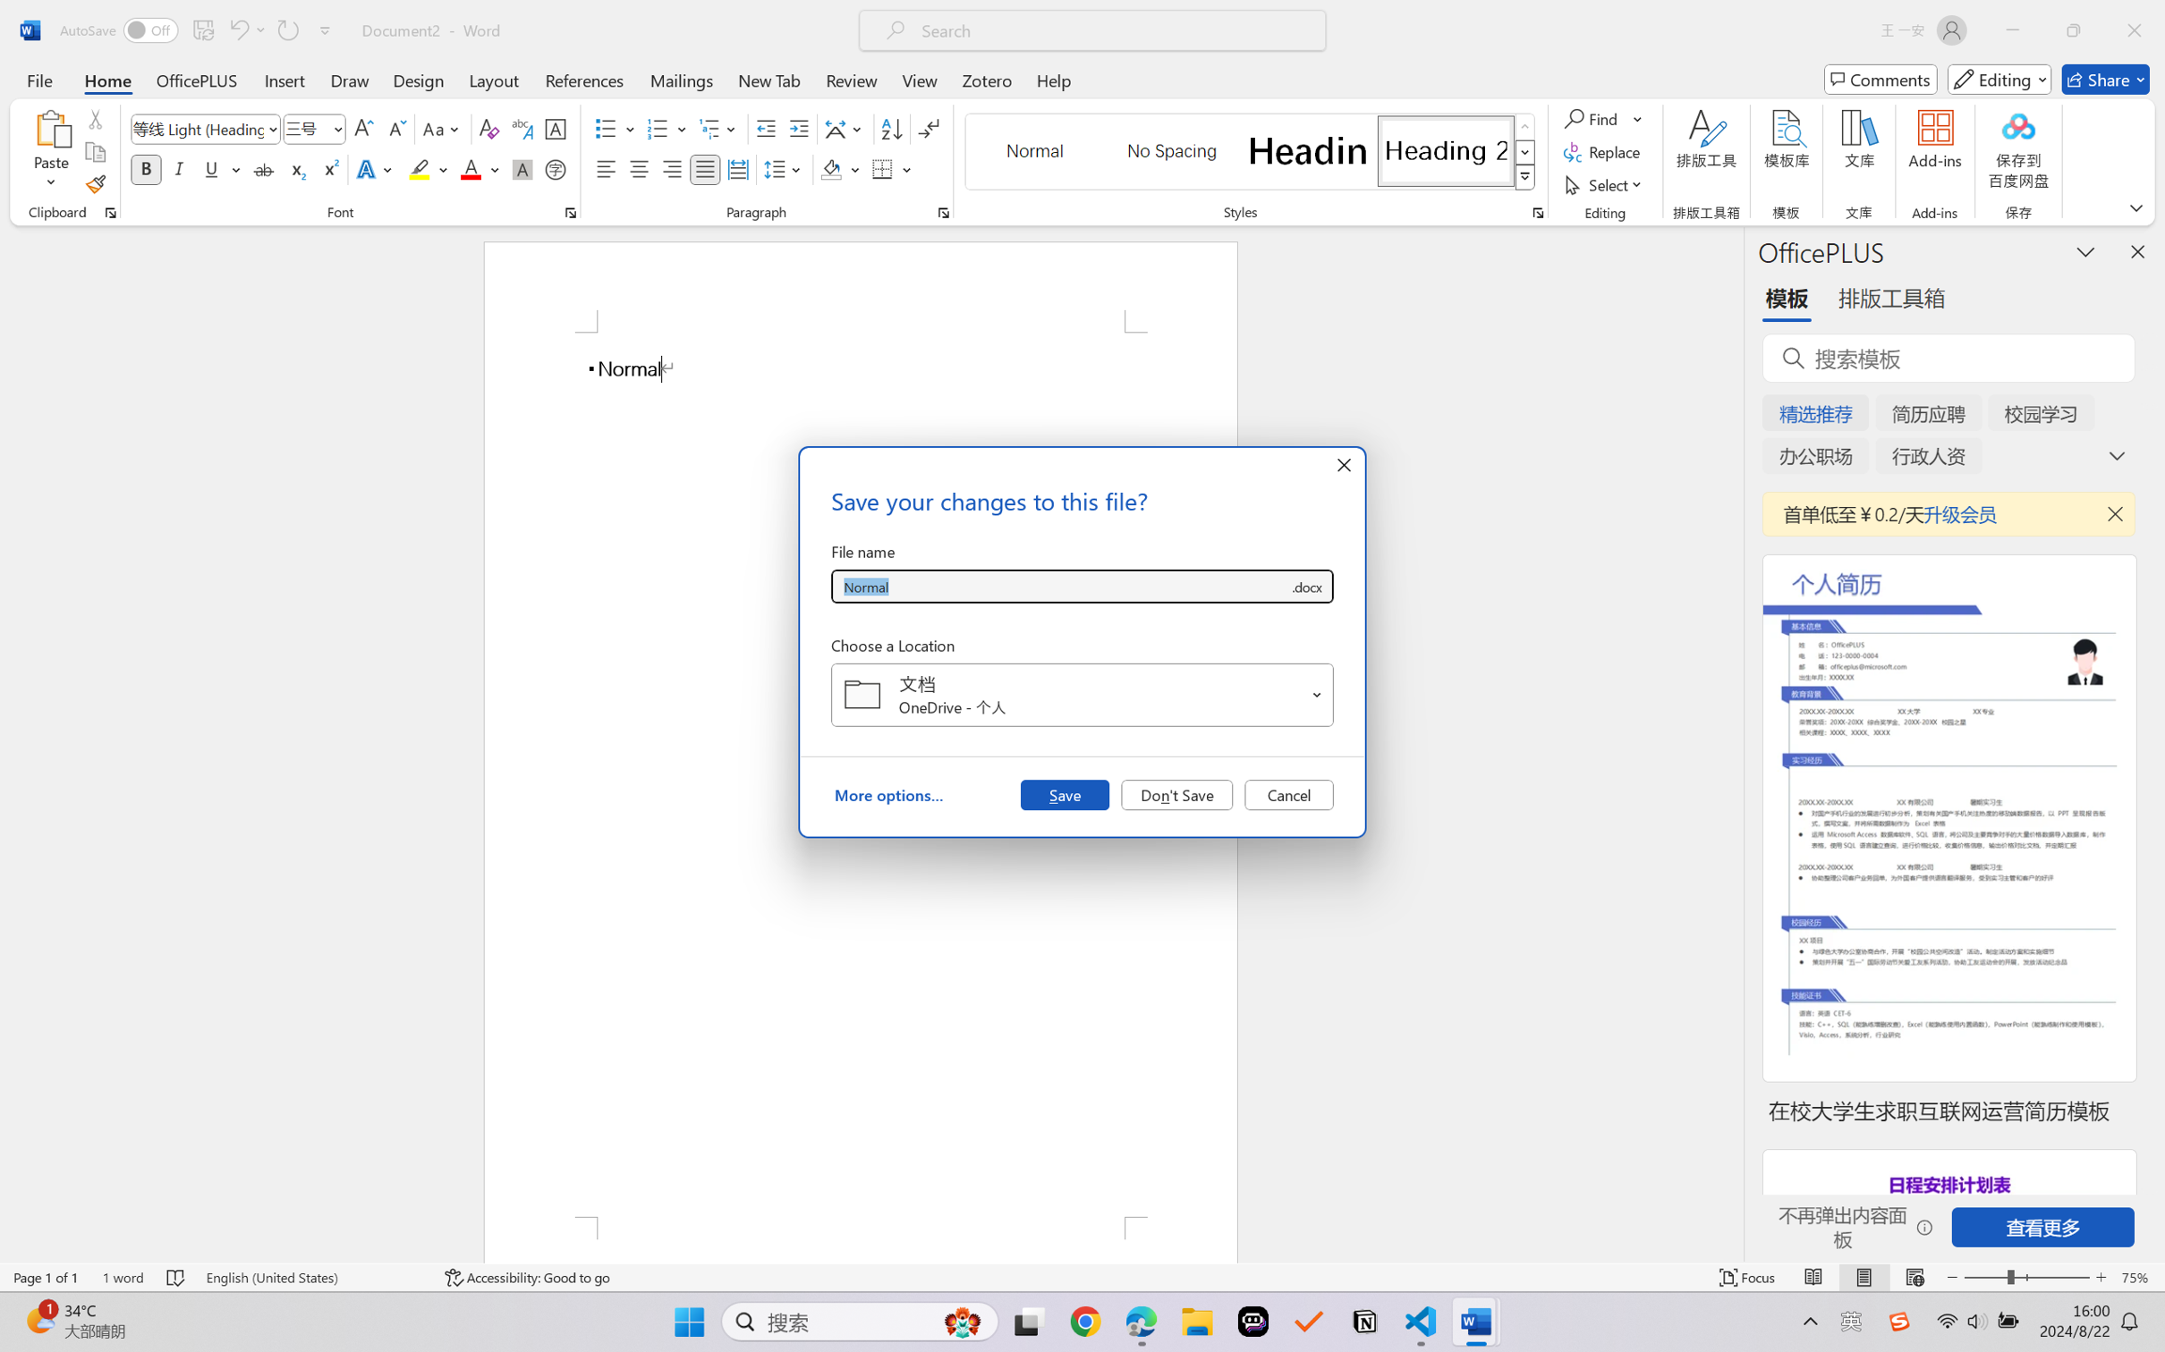 Image resolution: width=2165 pixels, height=1352 pixels. I want to click on 'Share', so click(2104, 79).